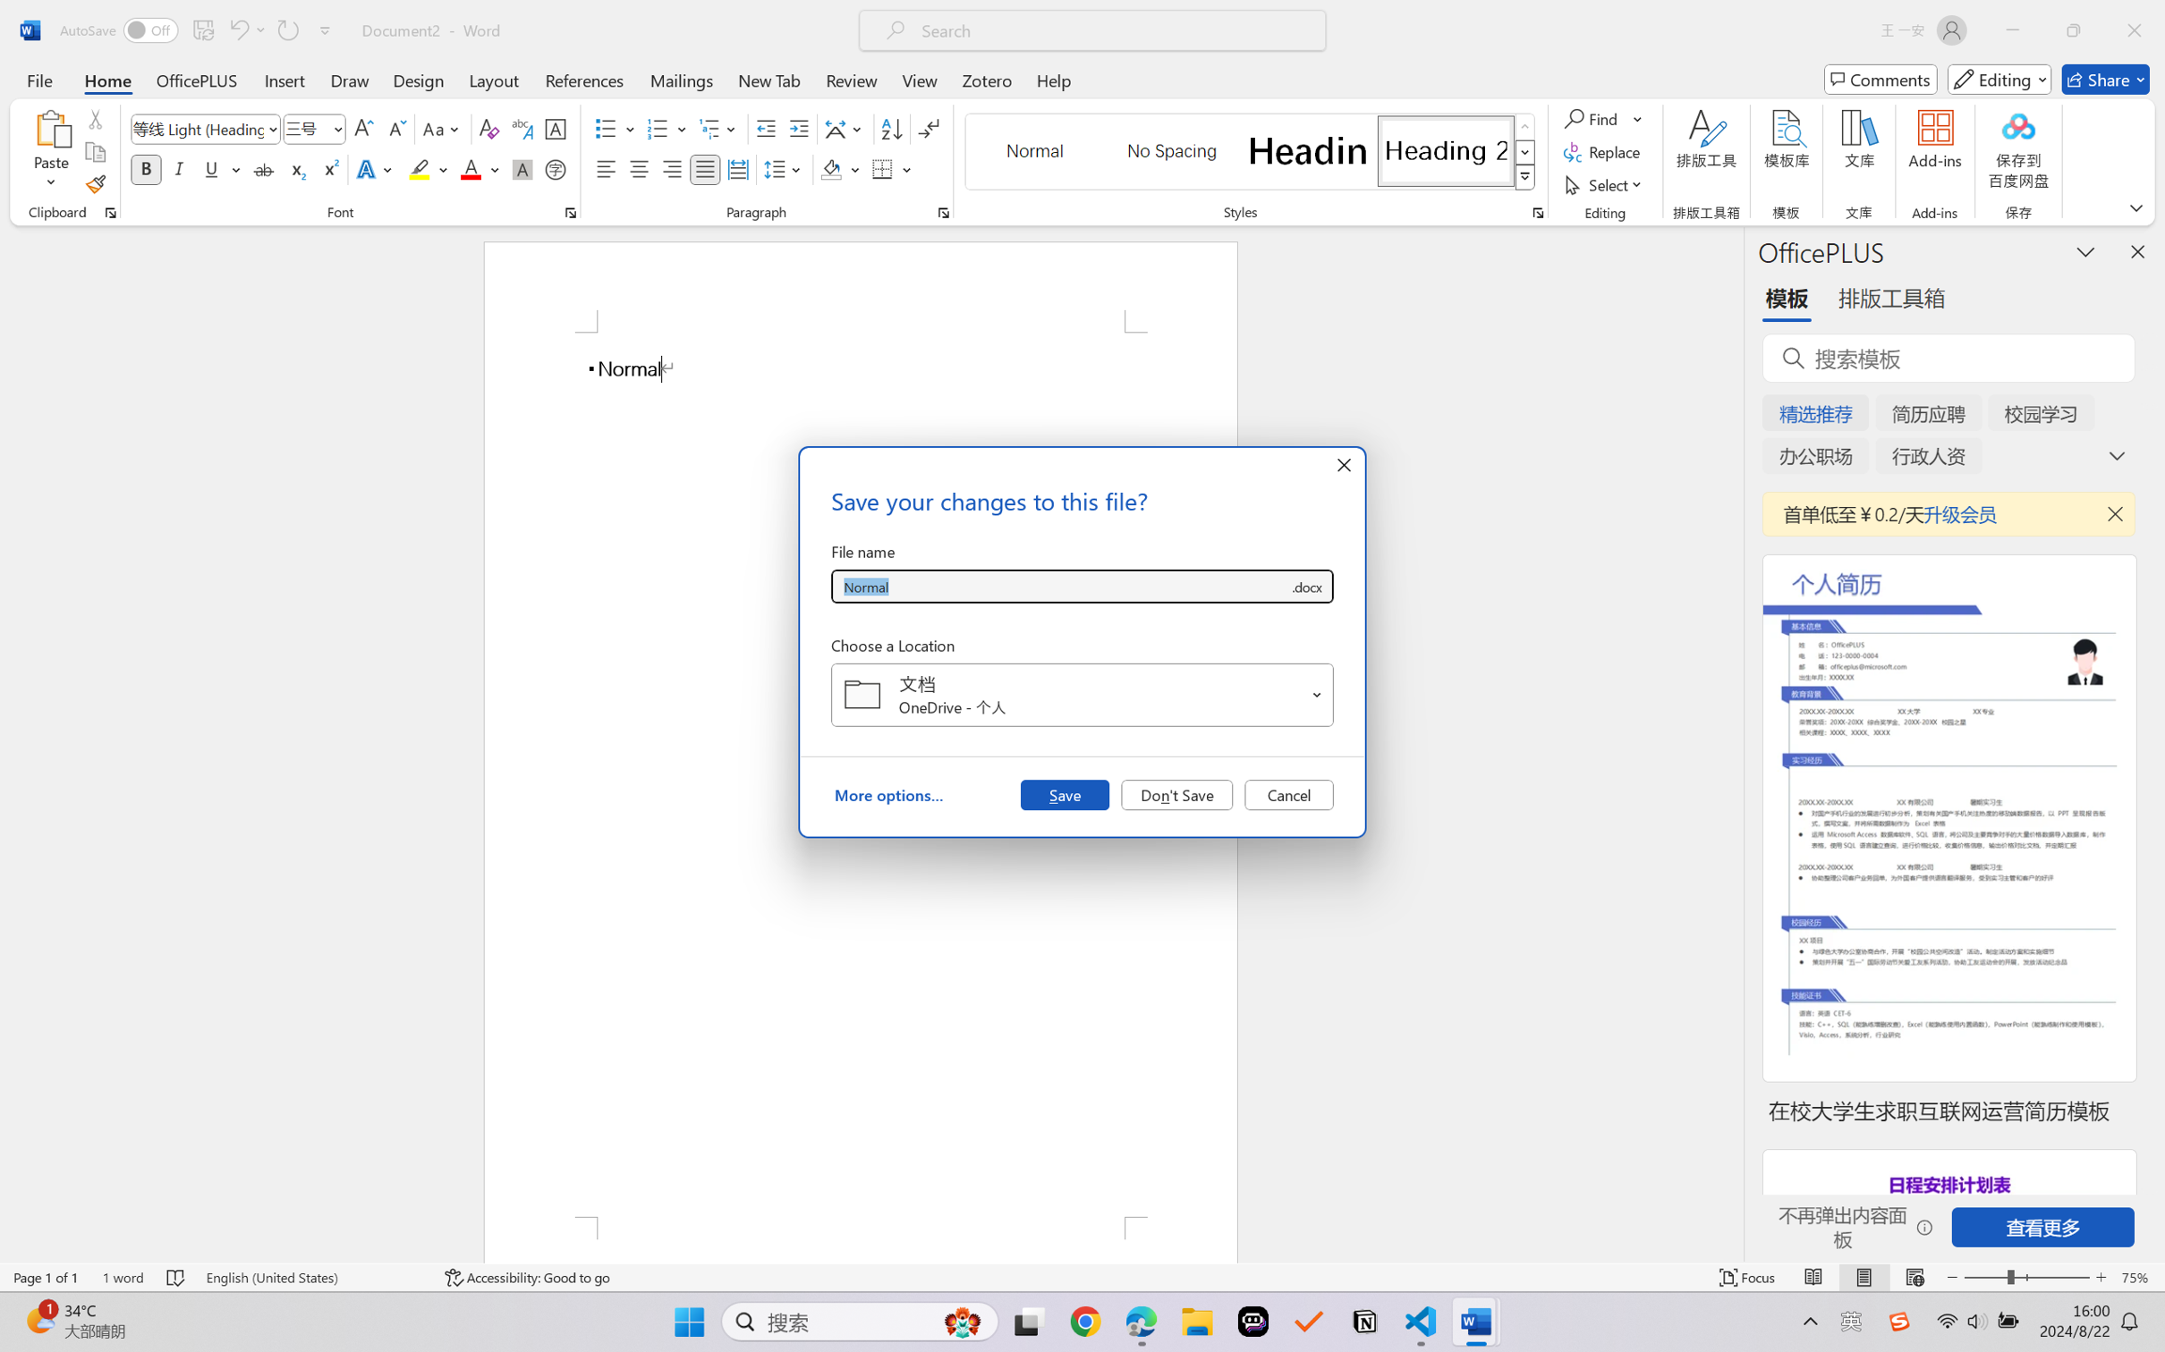 Image resolution: width=2165 pixels, height=1352 pixels. I want to click on 'Share', so click(2104, 79).